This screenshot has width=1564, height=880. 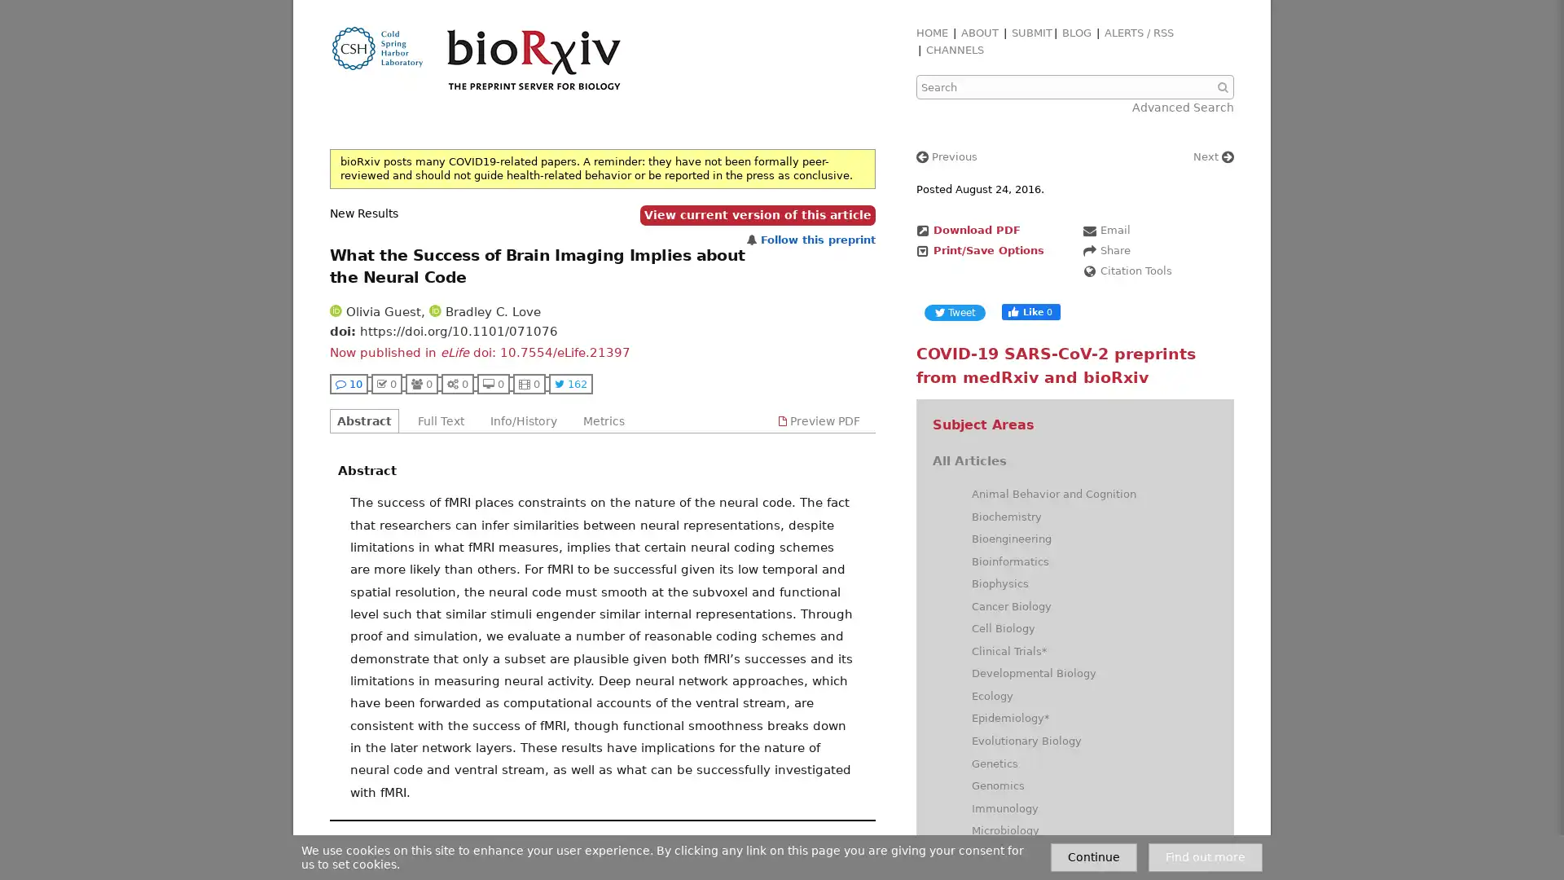 I want to click on Search, so click(x=1224, y=87).